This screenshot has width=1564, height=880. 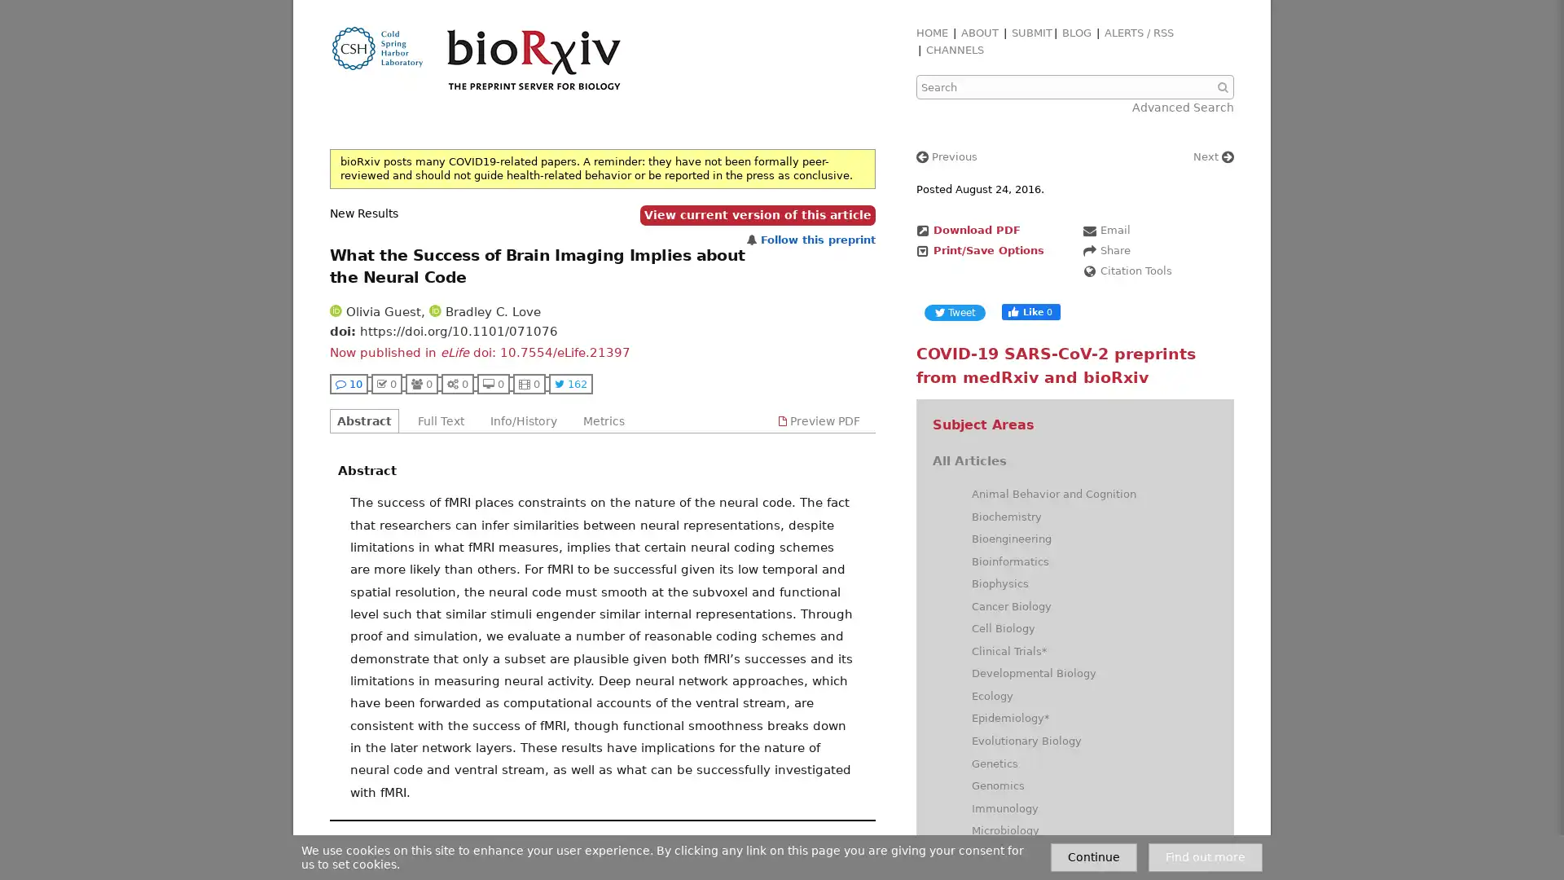 I want to click on Search, so click(x=1224, y=87).